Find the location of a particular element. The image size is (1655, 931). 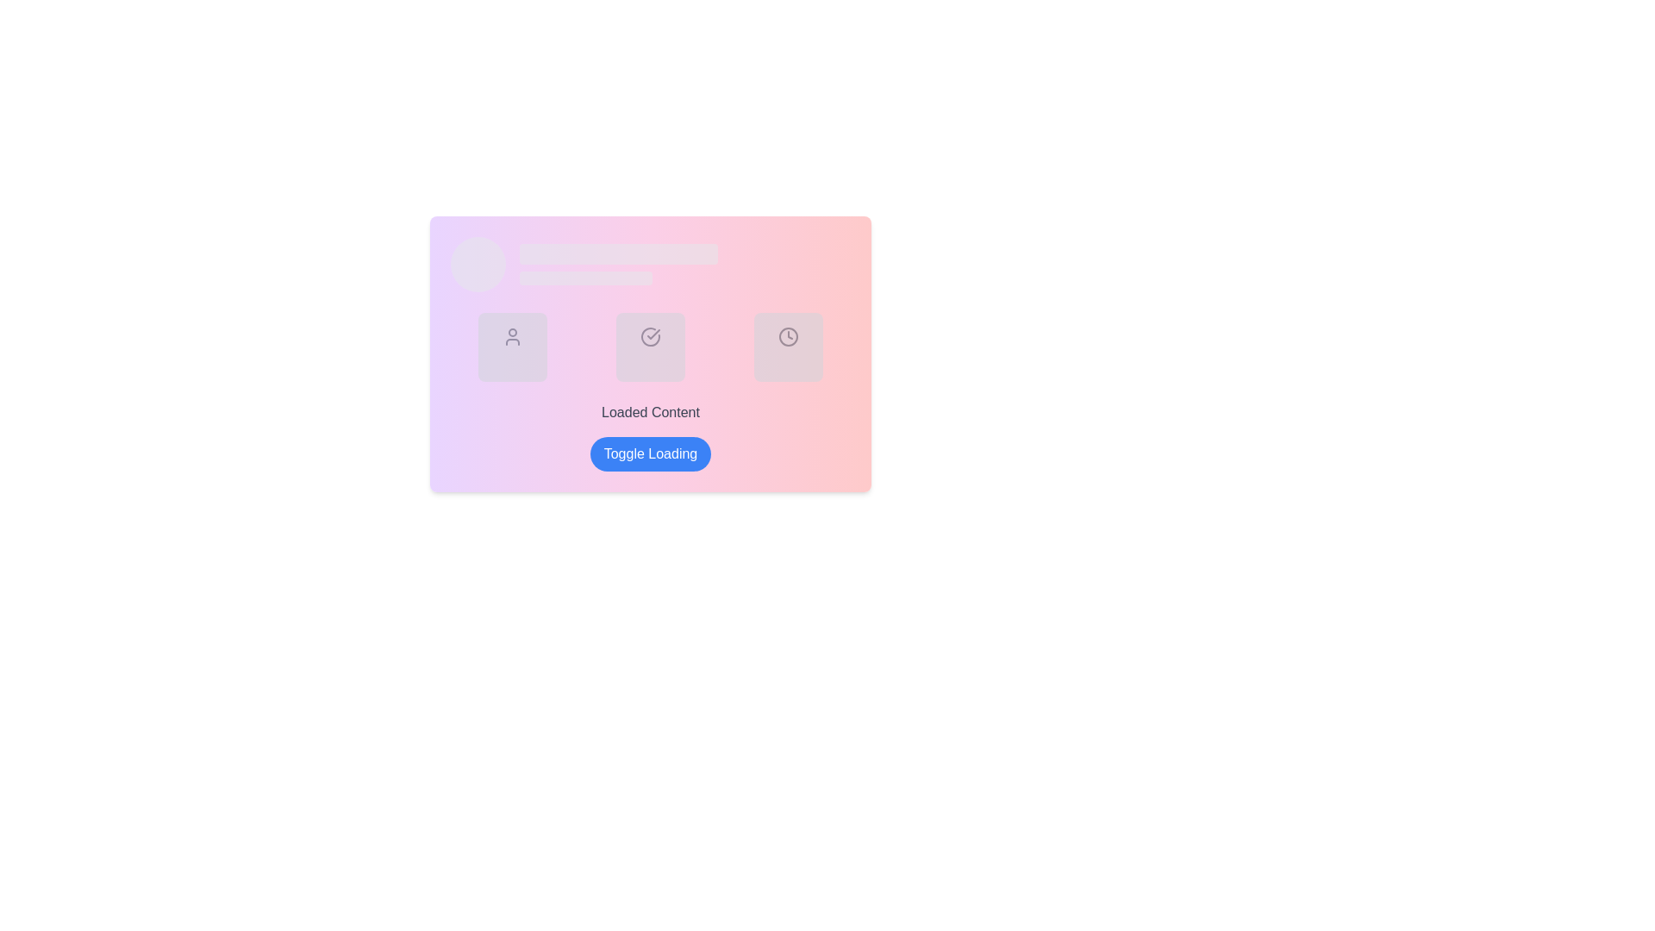

the clock icon, which is the third icon in a horizontally arranged group of three icons, featuring a circular outline and modern design, set against a gray background is located at coordinates (788, 336).